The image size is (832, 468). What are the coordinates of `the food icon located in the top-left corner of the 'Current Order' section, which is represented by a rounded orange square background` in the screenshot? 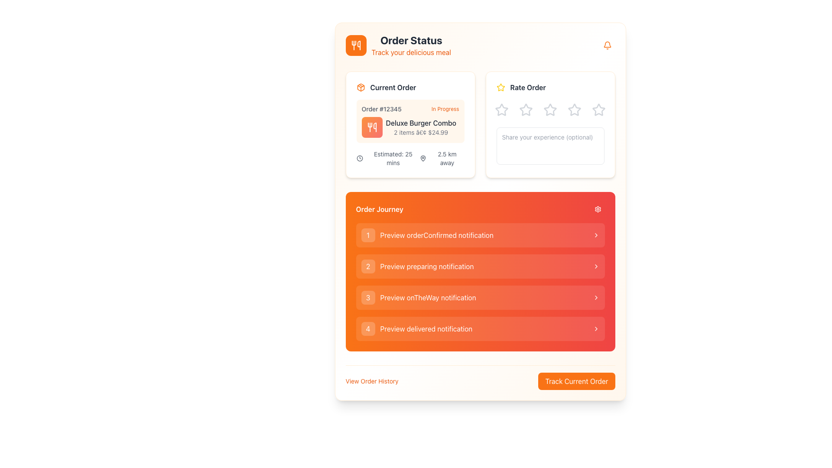 It's located at (356, 45).